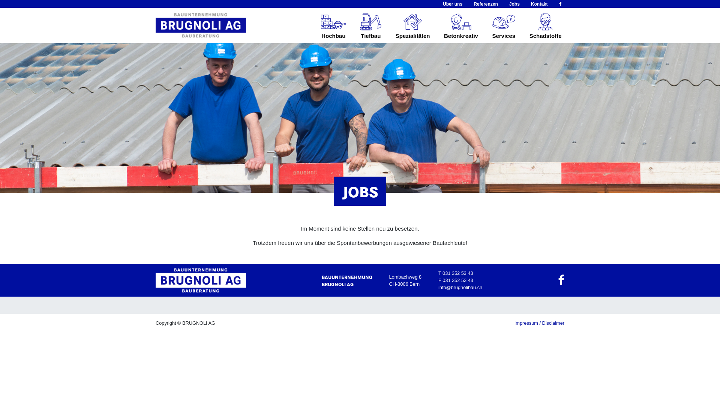 Image resolution: width=720 pixels, height=405 pixels. Describe the element at coordinates (545, 25) in the screenshot. I see `'Schadstoffe'` at that location.